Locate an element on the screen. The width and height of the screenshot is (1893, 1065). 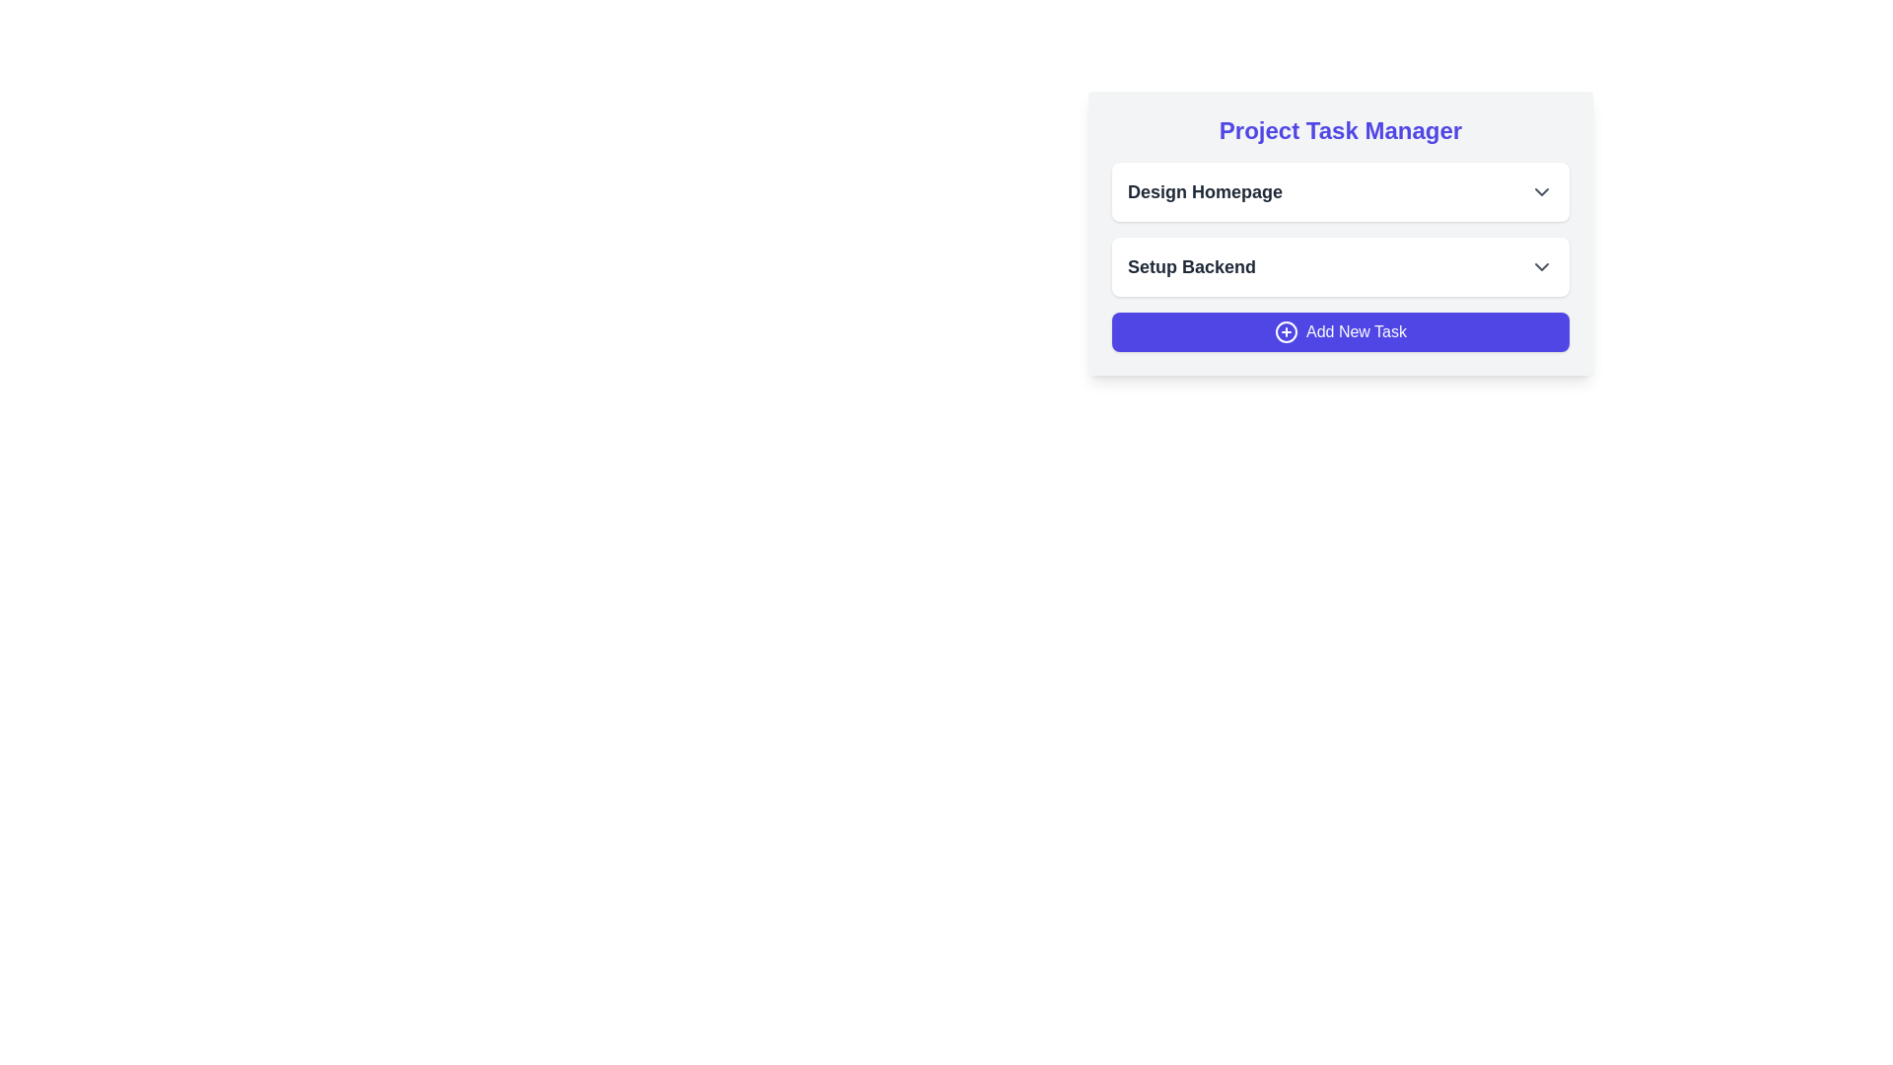
the 'Setup Backend' text label, which is a bold, larger font string in dark gray, centered beneath the 'Design Homepage' label is located at coordinates (1191, 266).